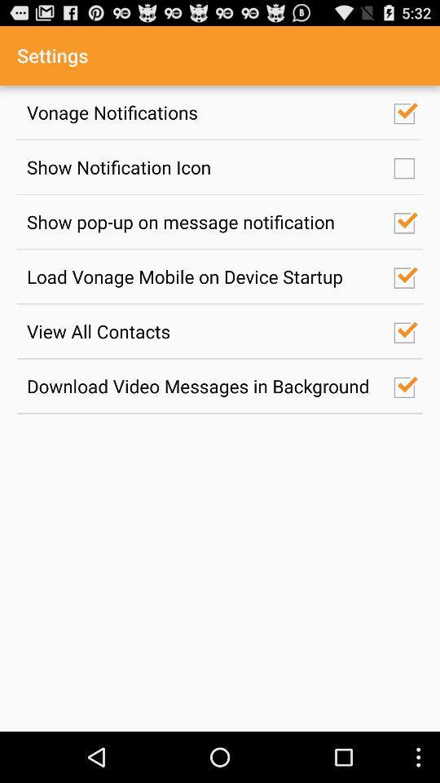 This screenshot has height=783, width=440. What do you see at coordinates (201, 386) in the screenshot?
I see `download video messages icon` at bounding box center [201, 386].